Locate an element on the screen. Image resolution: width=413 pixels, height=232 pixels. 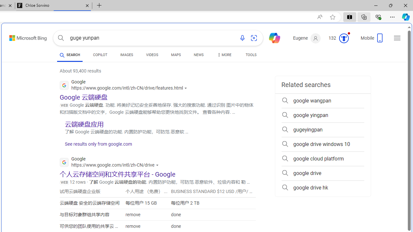
'gugeyingpan' is located at coordinates (323, 130).